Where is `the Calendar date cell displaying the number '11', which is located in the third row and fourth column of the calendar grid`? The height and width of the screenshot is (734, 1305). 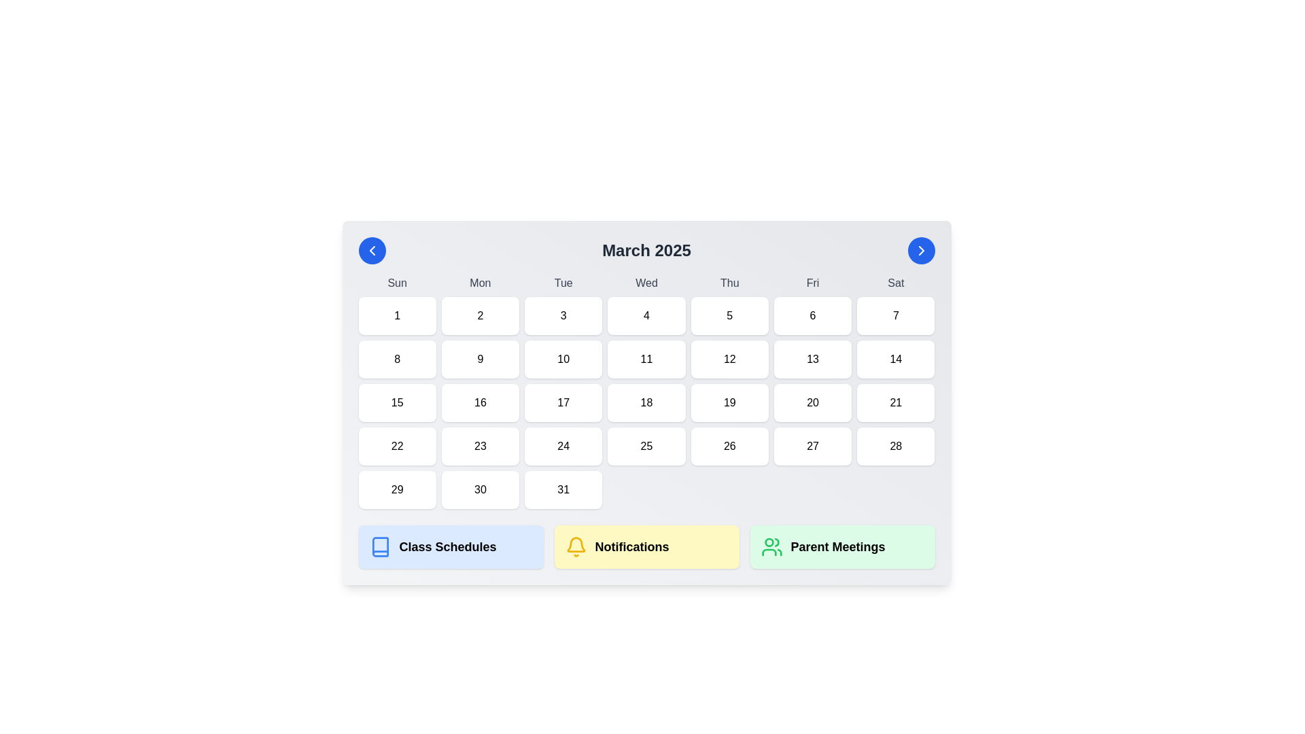 the Calendar date cell displaying the number '11', which is located in the third row and fourth column of the calendar grid is located at coordinates (646, 358).